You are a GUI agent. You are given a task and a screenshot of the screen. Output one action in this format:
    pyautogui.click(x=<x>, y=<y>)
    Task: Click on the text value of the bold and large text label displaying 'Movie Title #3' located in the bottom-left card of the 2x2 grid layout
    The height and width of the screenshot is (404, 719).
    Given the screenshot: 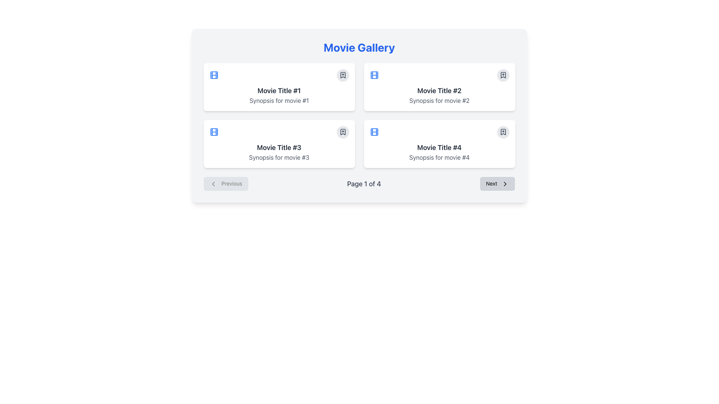 What is the action you would take?
    pyautogui.click(x=279, y=147)
    